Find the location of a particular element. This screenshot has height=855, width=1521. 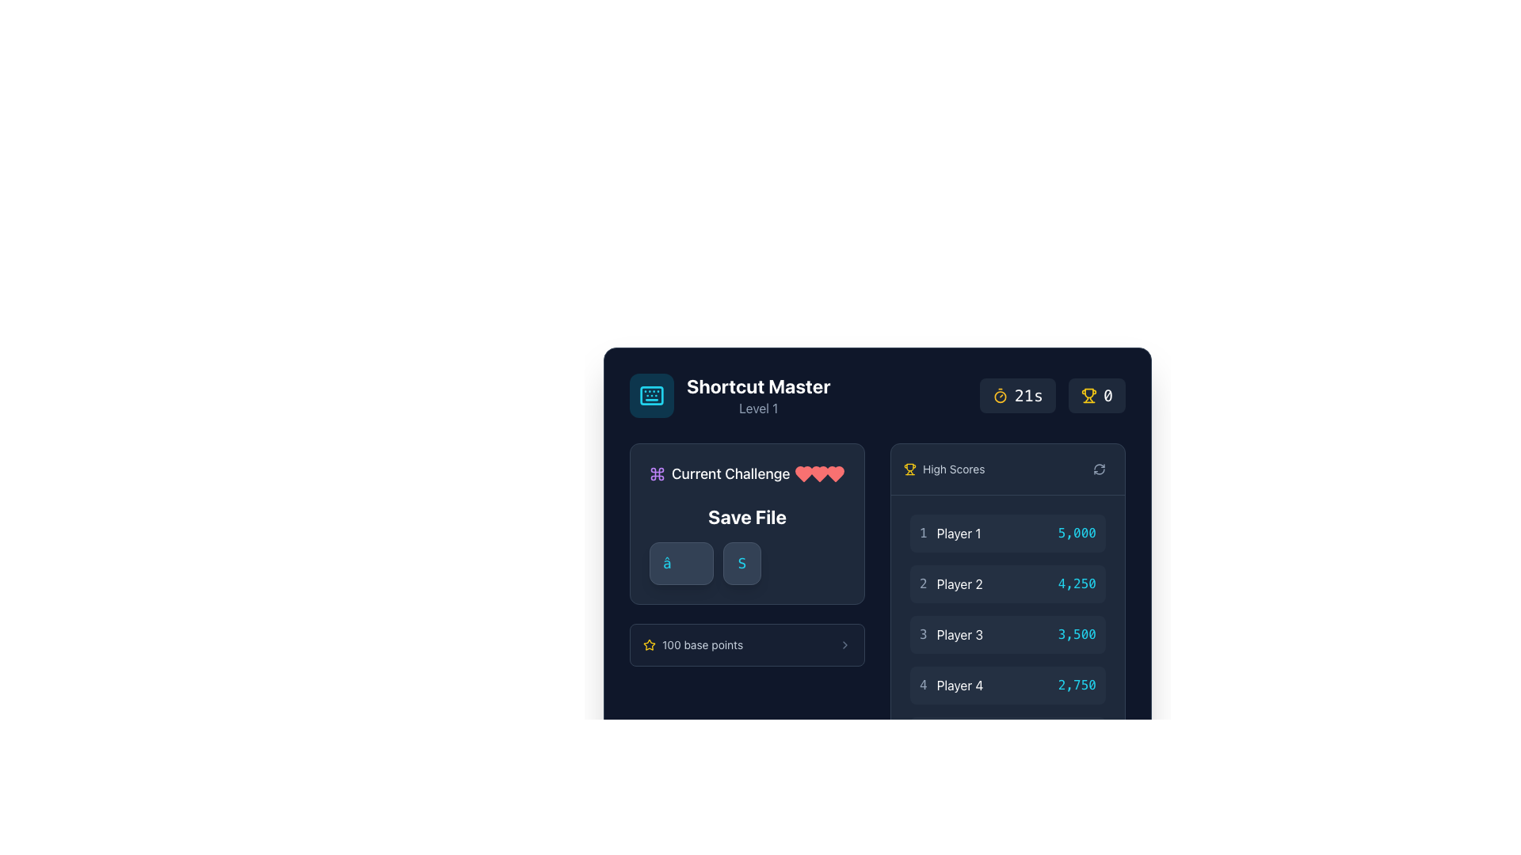

the text label displaying 'Player 3' in white text against a dark background, which is the third entry under the title 'High Scores' is located at coordinates (959, 634).